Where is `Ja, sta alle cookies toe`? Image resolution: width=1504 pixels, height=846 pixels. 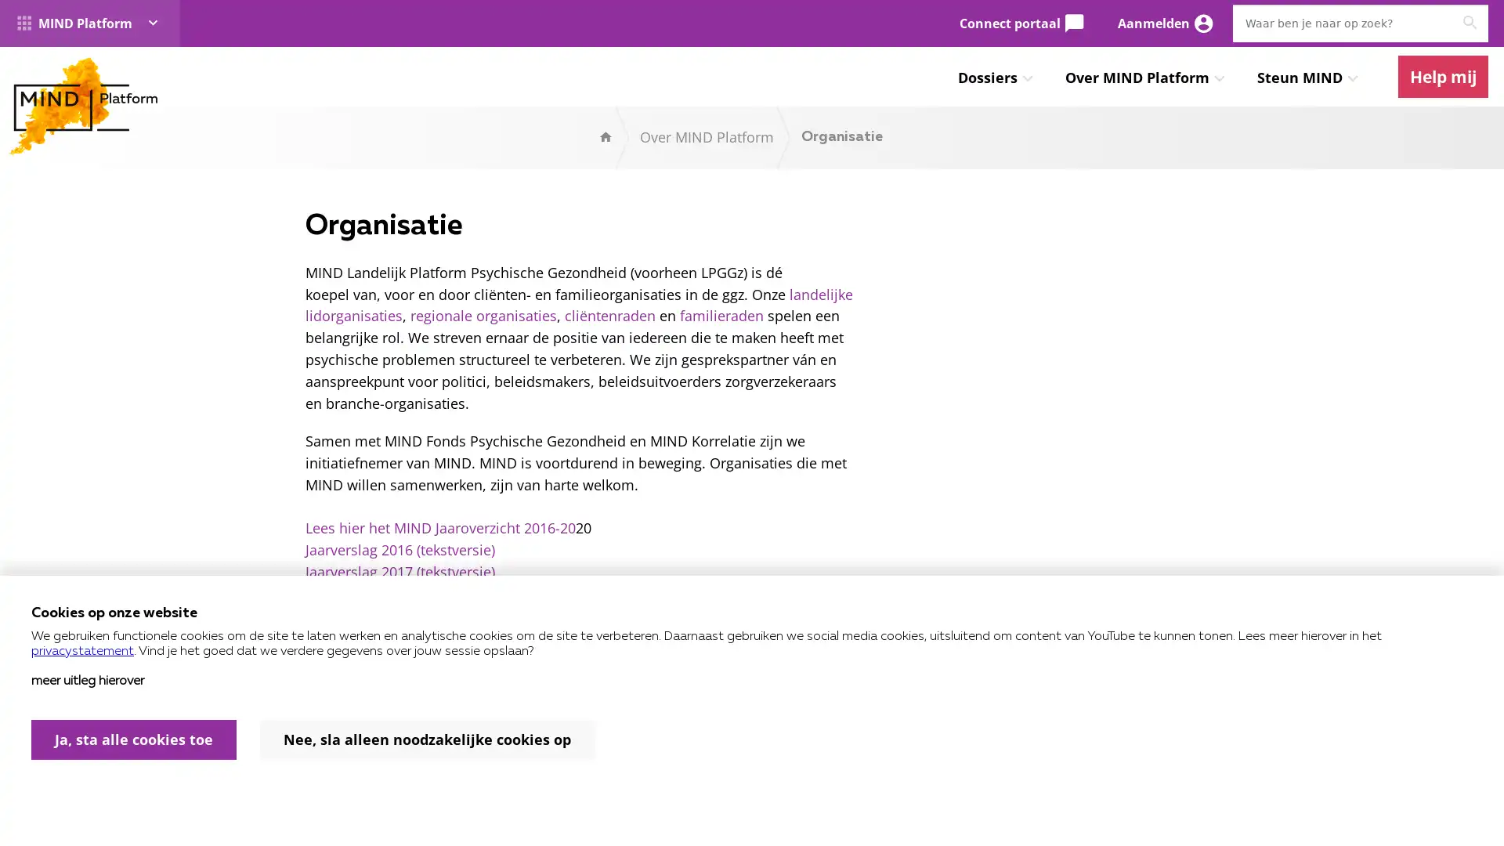
Ja, sta alle cookies toe is located at coordinates (134, 739).